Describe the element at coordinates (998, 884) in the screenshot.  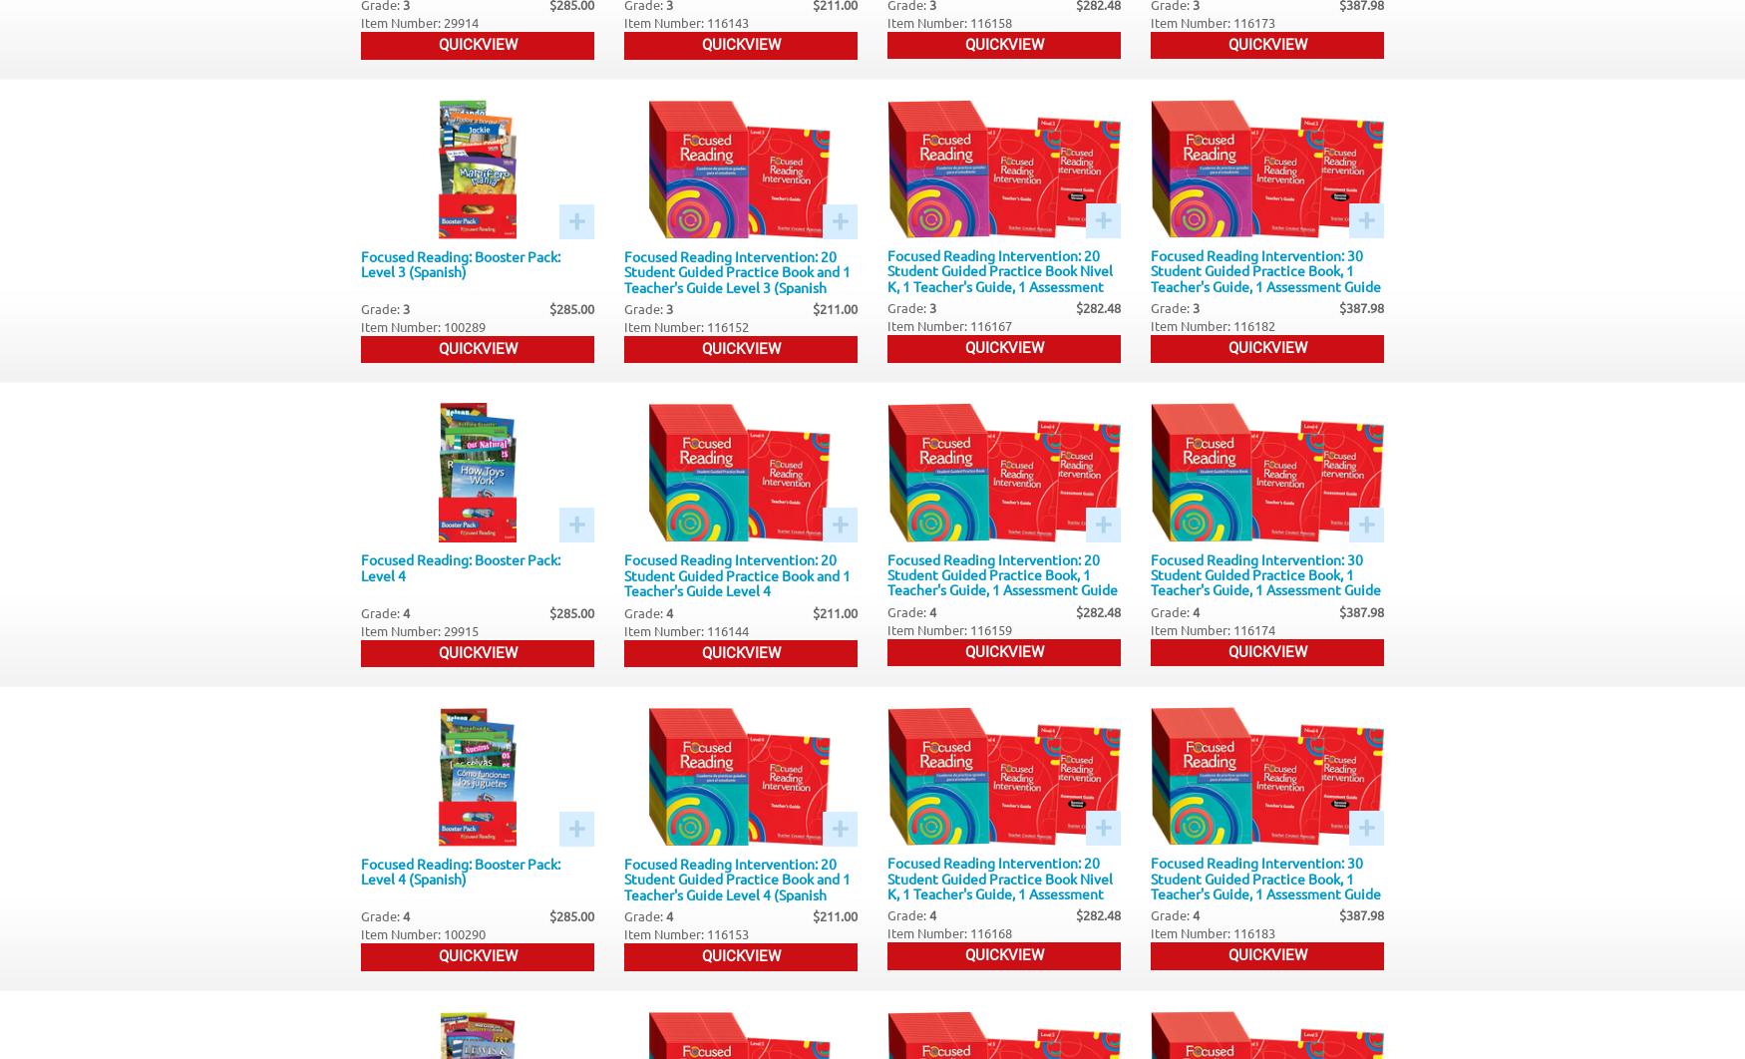
I see `'Focused Reading Intervention: 20 Student Guided Practice Book Nivel K, 1 Teacher's Guide, 1 Assessment Guide Level 4 (Spanish Version)'` at that location.